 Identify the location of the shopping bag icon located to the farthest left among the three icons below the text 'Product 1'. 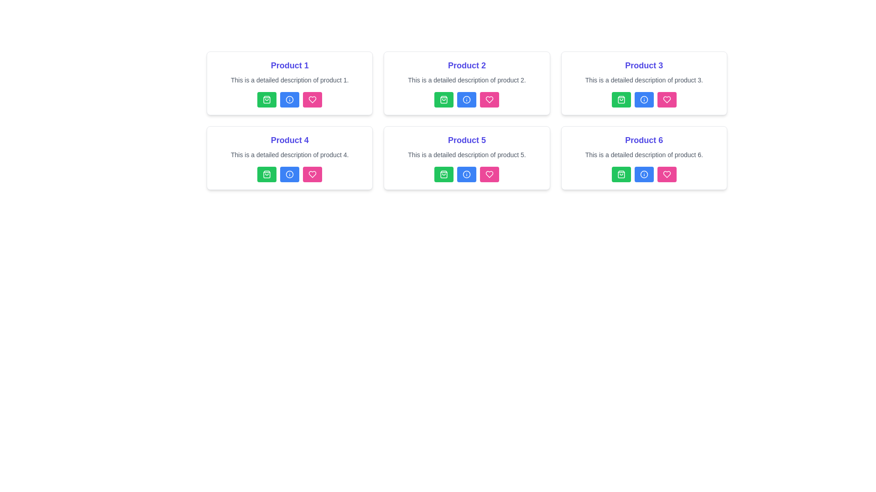
(266, 100).